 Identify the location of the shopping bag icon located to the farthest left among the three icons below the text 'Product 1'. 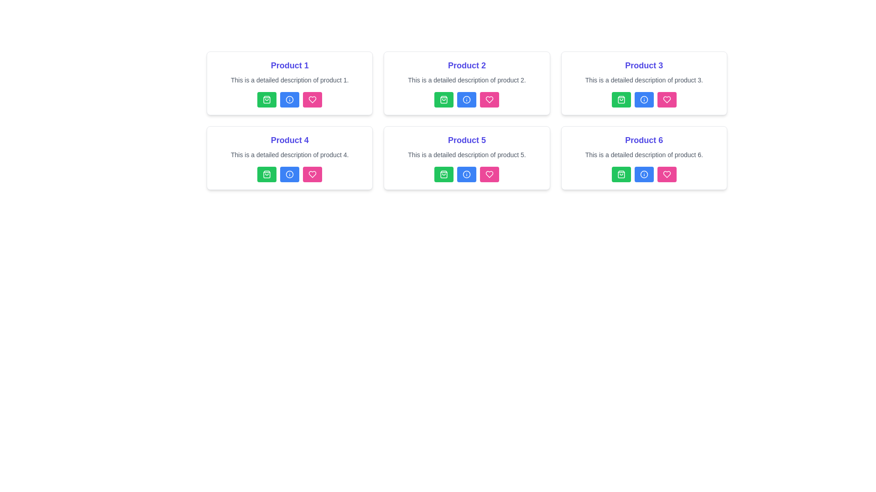
(266, 100).